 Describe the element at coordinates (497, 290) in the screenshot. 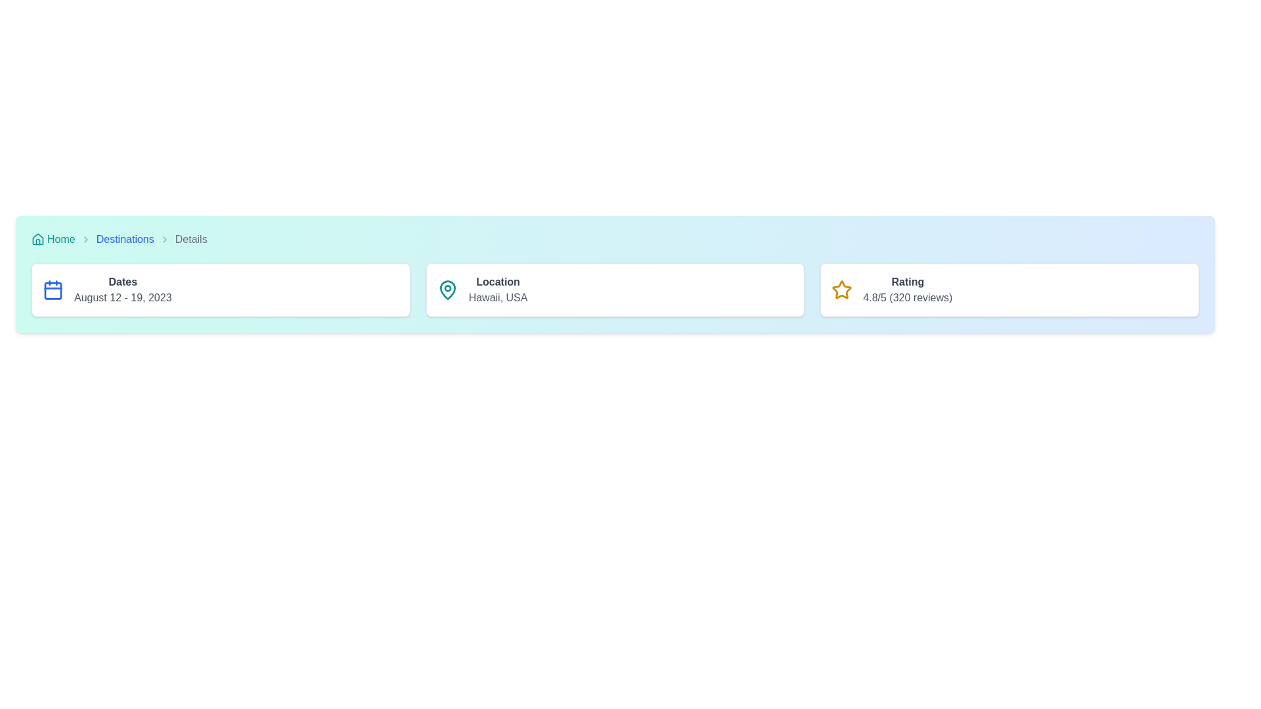

I see `contents of the Text label displaying 'Location' and 'Hawaii, USA', which is positioned in the middle card section between 'Dates' and 'Rating'` at that location.